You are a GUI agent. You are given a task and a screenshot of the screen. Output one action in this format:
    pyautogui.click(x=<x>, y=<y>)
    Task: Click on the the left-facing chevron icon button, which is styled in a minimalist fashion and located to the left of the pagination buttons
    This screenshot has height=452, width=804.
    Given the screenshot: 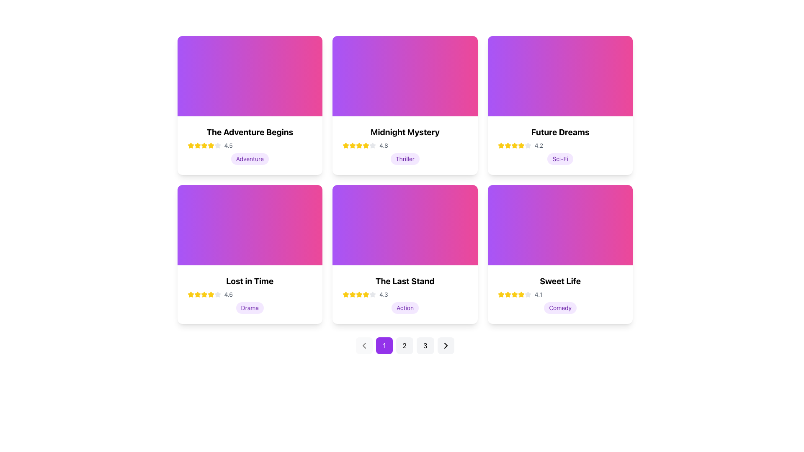 What is the action you would take?
    pyautogui.click(x=364, y=345)
    